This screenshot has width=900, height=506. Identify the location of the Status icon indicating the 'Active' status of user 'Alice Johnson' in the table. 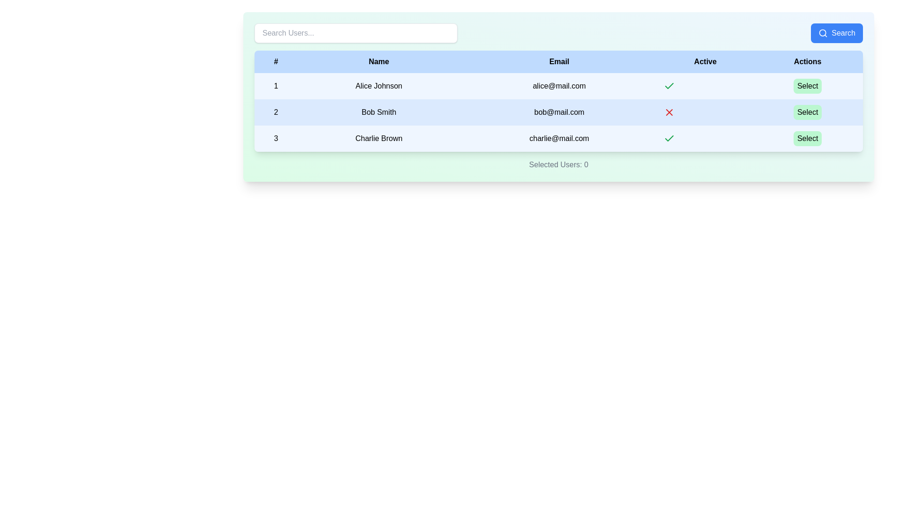
(669, 138).